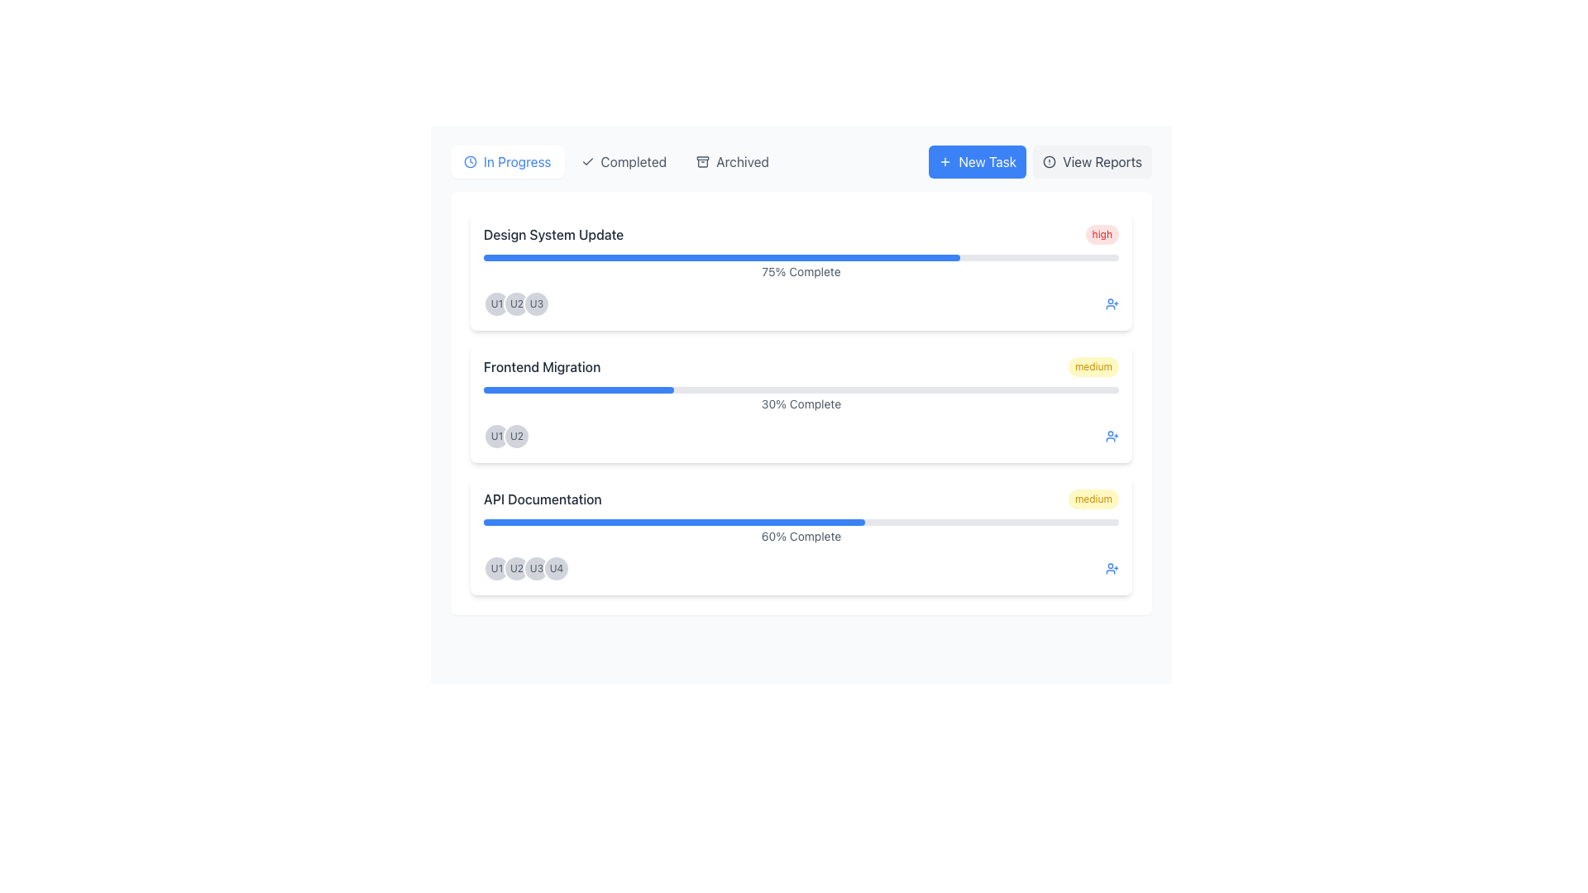 Image resolution: width=1588 pixels, height=893 pixels. What do you see at coordinates (622, 162) in the screenshot?
I see `the button for selecting the 'Completed' category, which is the second button in a horizontal group of three, located near the top of the interface` at bounding box center [622, 162].